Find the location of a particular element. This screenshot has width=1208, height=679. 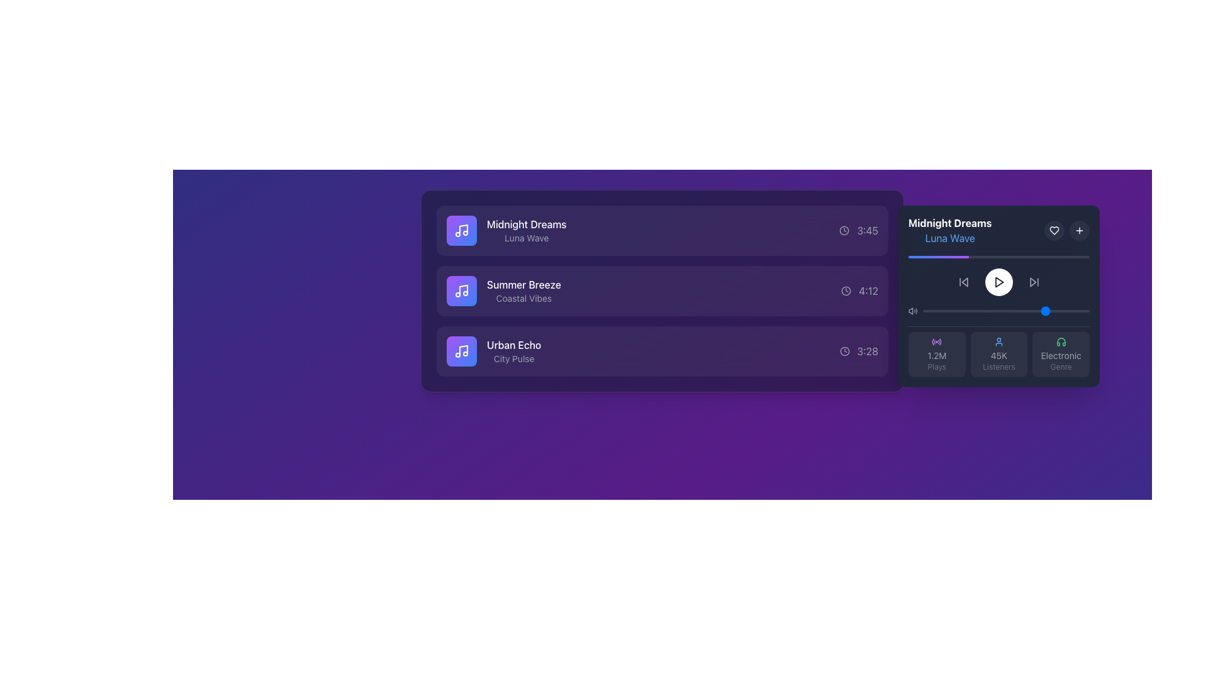

label displaying the title of the currently playing audio track in the media player interface, located above the text 'Luna Wave' is located at coordinates (950, 222).